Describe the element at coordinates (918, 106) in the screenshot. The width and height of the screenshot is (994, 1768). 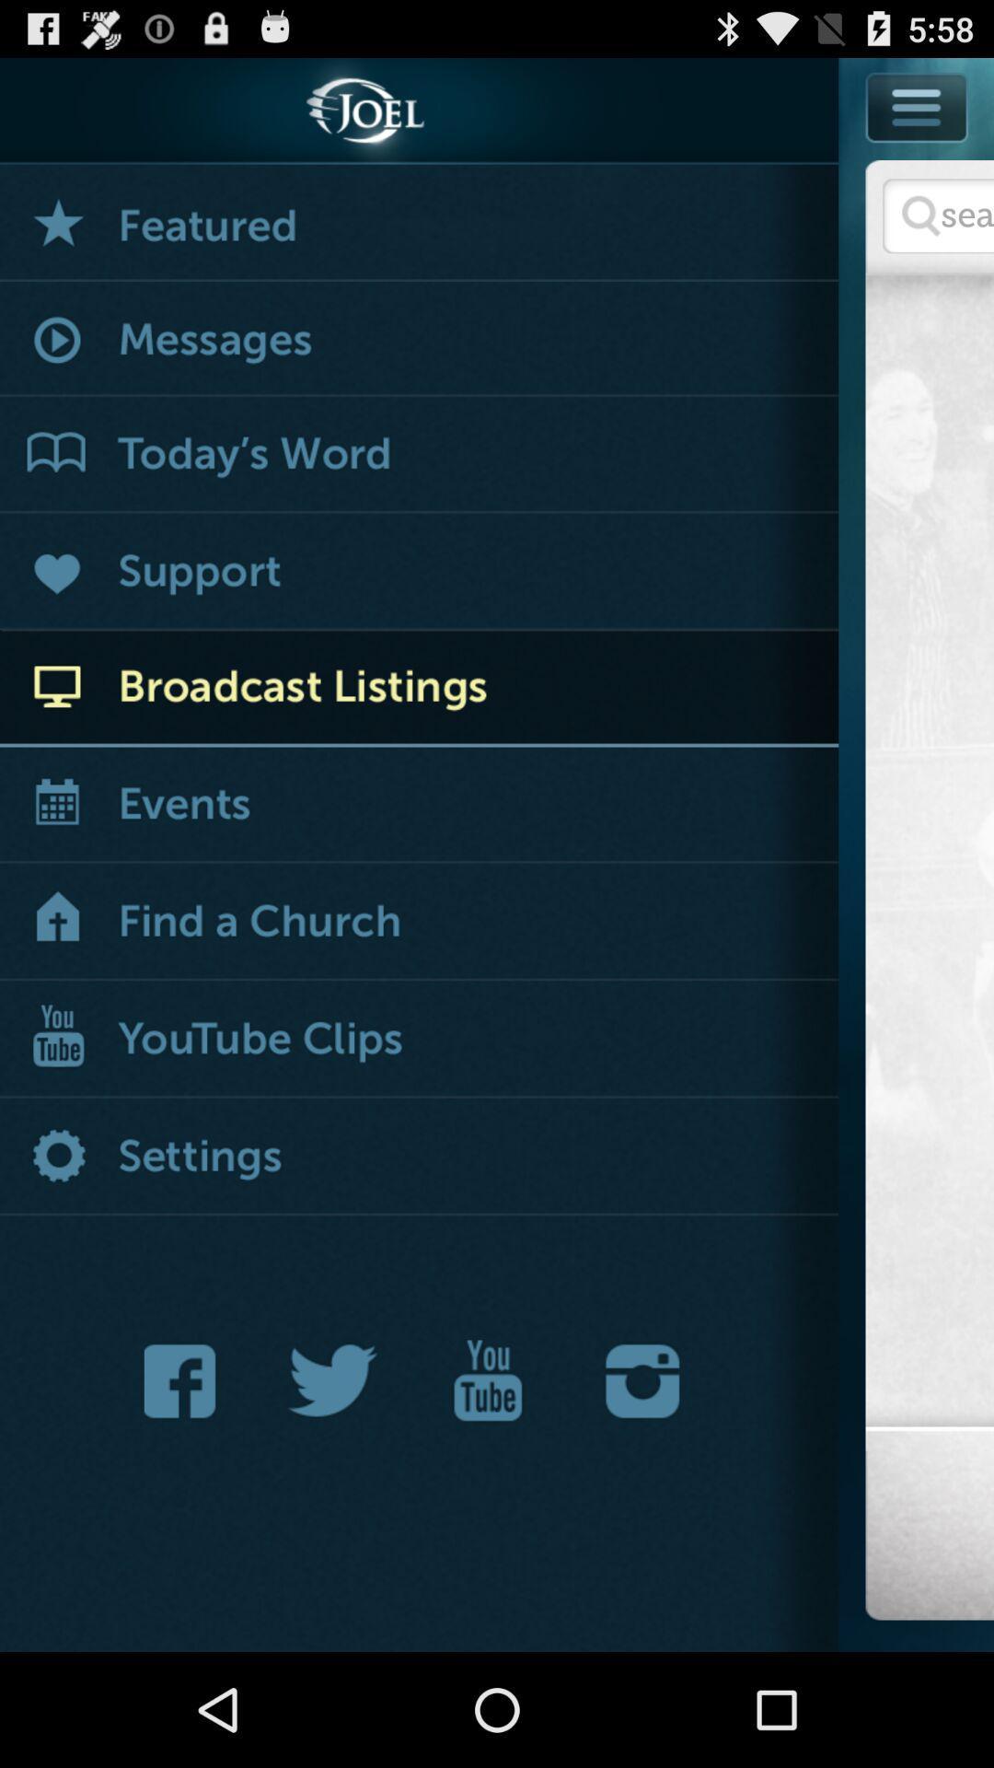
I see `show or hide application options` at that location.